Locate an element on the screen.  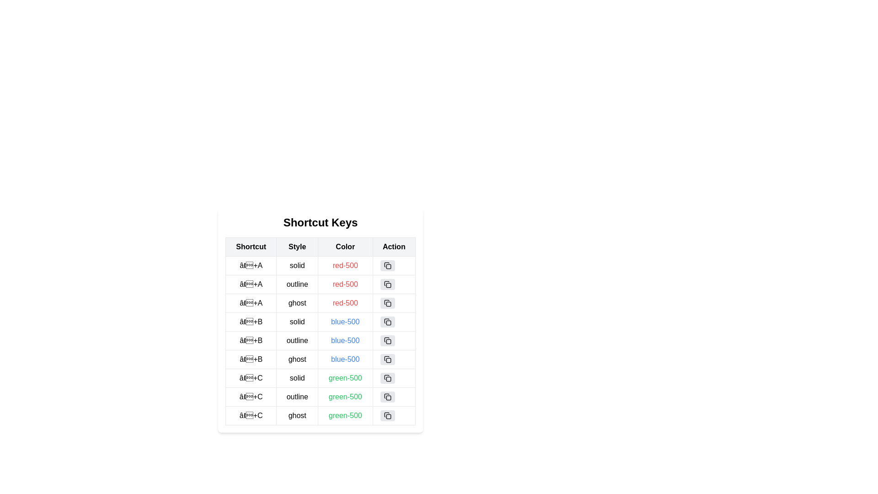
the static text label representing the keyboard shortcut '⌘+C' located in the first cell of the last row of the table in the 'Shortcut' column is located at coordinates (251, 416).